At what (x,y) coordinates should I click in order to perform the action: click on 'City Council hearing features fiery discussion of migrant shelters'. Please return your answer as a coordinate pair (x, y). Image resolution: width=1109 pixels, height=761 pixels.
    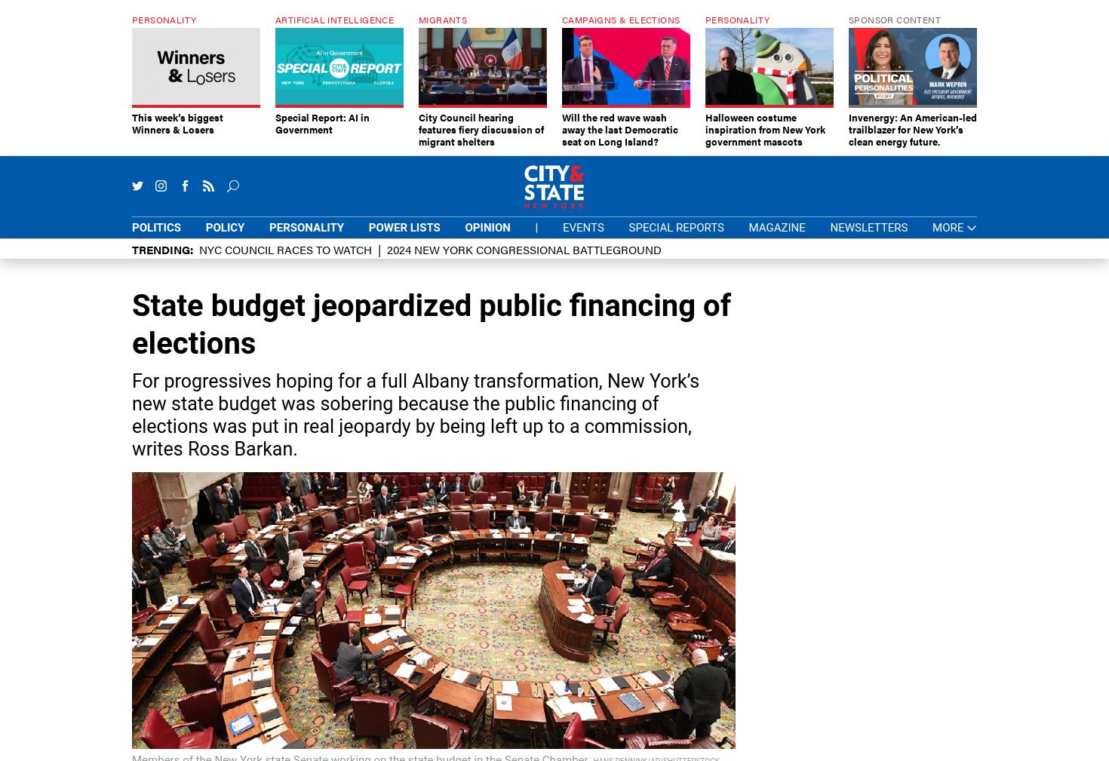
    Looking at the image, I should click on (480, 128).